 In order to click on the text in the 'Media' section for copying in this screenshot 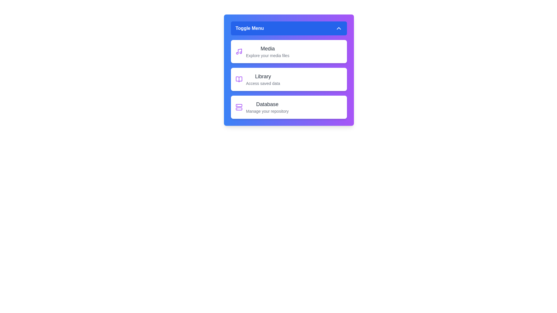, I will do `click(246, 44)`.